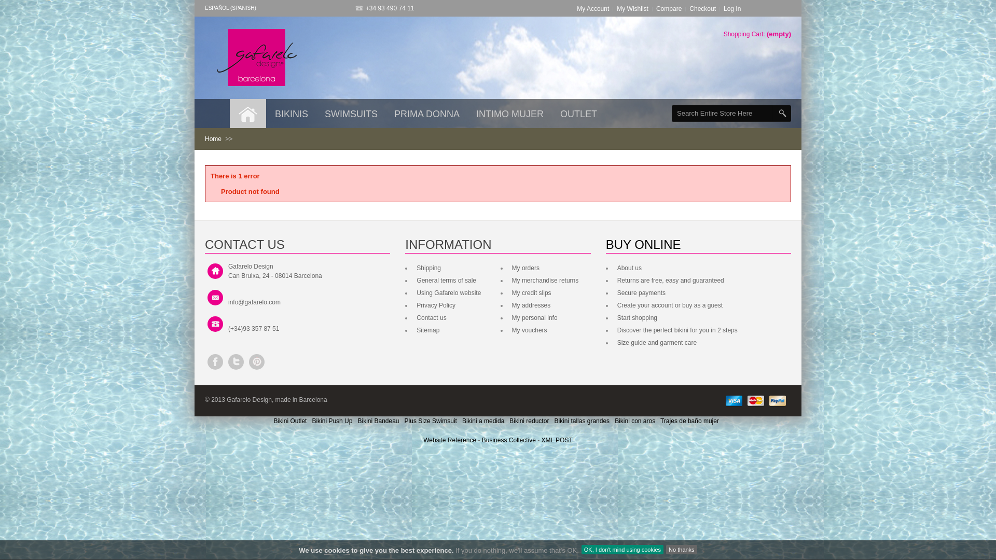 This screenshot has height=560, width=996. Describe the element at coordinates (578, 114) in the screenshot. I see `'OUTLET'` at that location.